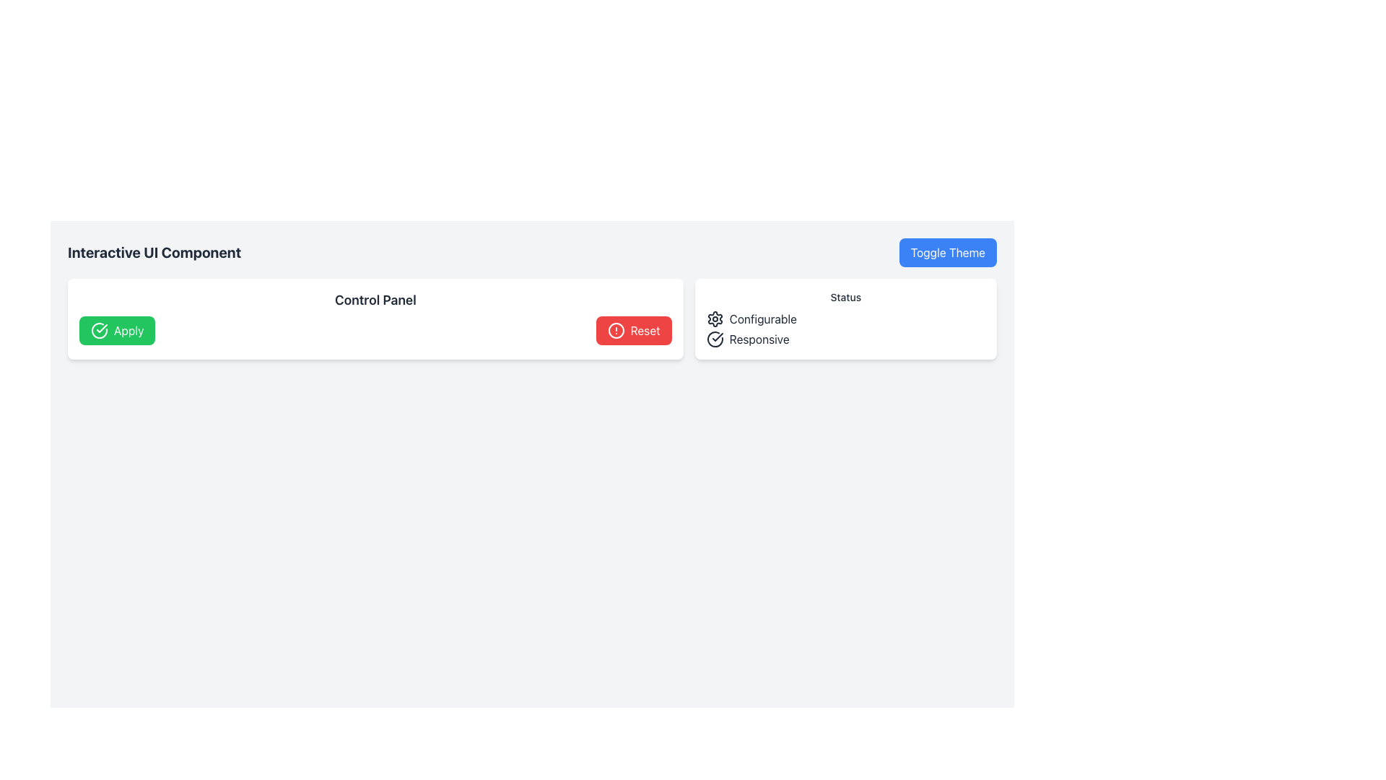 This screenshot has width=1386, height=780. Describe the element at coordinates (715, 318) in the screenshot. I see `the gear icon located at the top-right of the interface within the 'Status' card, adjacent to the 'Configurable' text` at that location.